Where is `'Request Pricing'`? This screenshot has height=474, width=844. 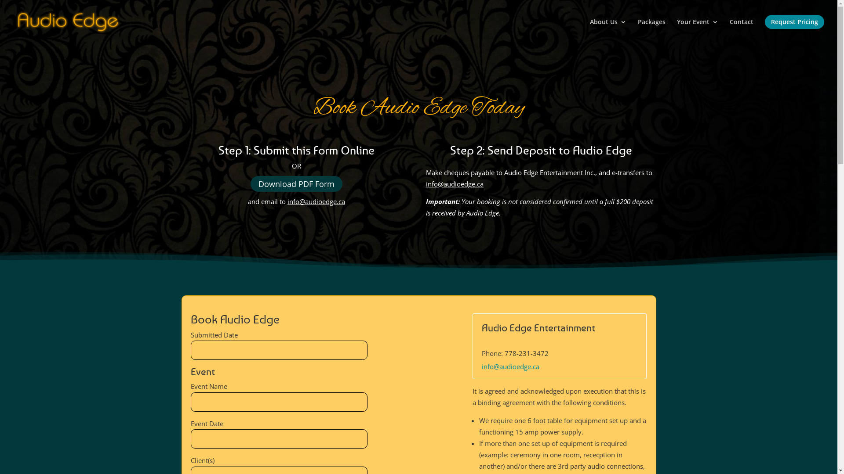
'Request Pricing' is located at coordinates (764, 29).